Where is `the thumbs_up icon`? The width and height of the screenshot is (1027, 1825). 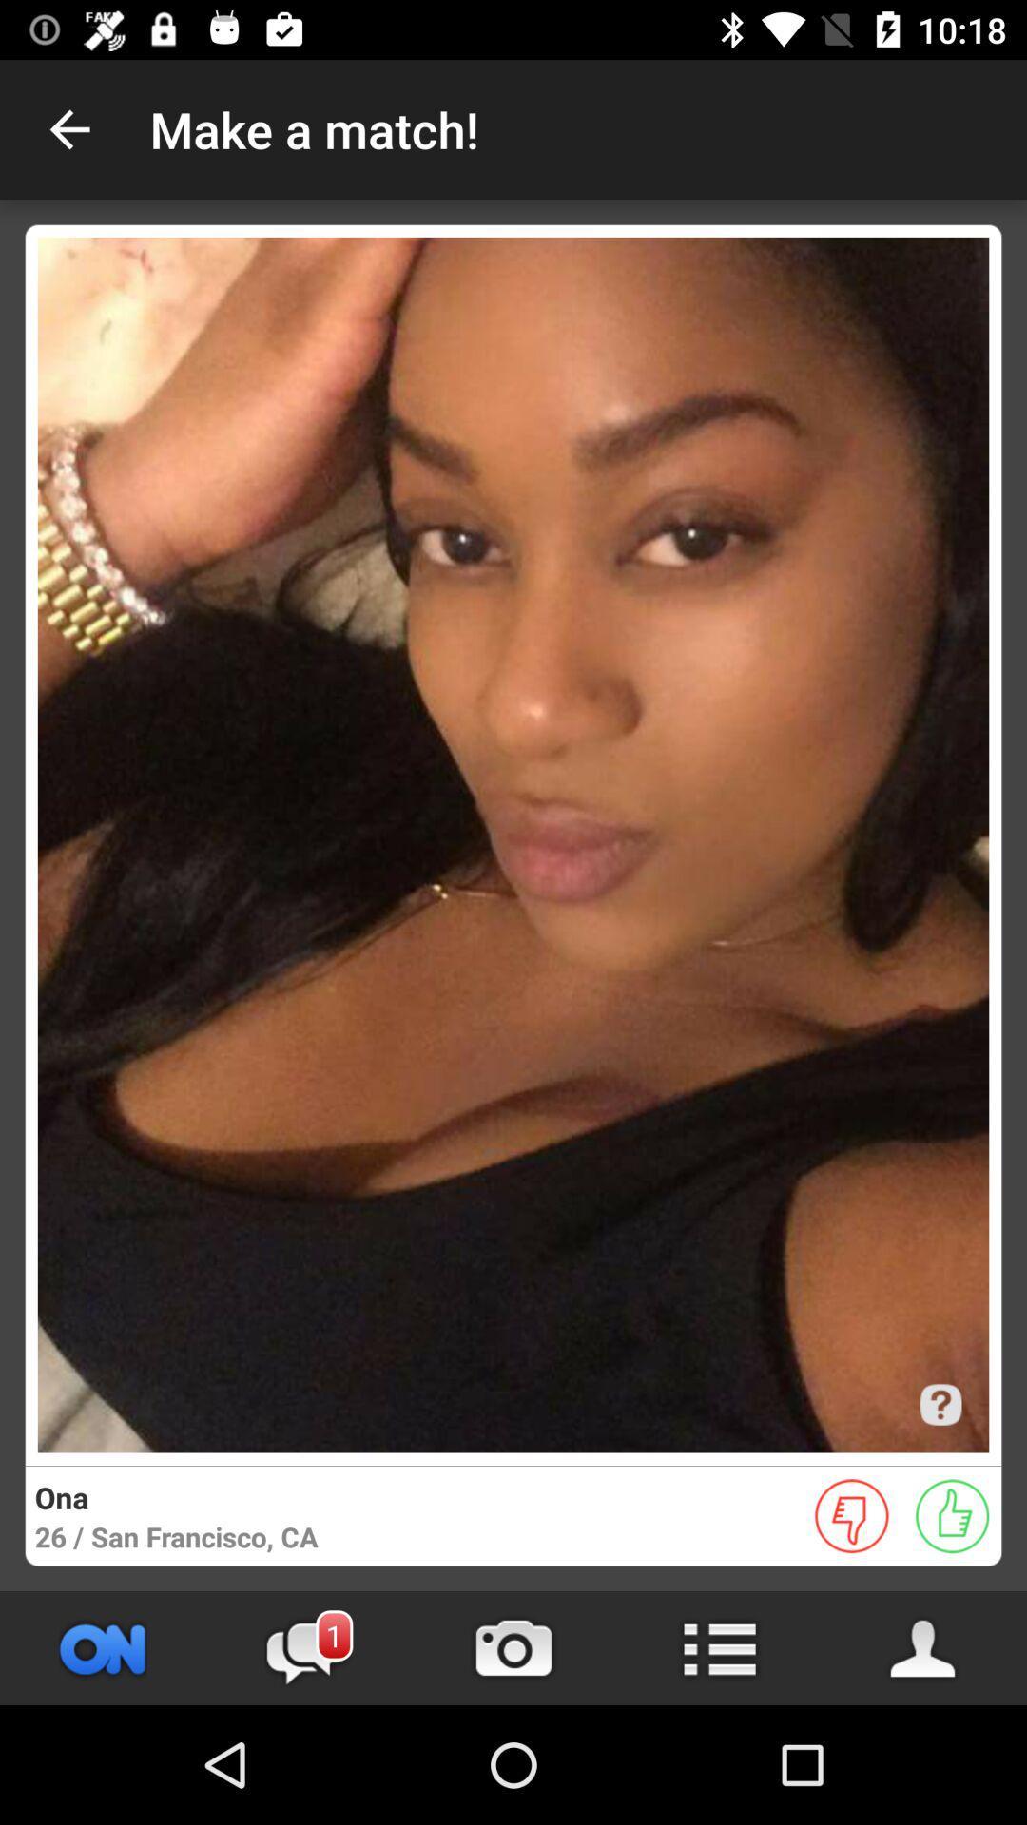
the thumbs_up icon is located at coordinates (952, 1515).